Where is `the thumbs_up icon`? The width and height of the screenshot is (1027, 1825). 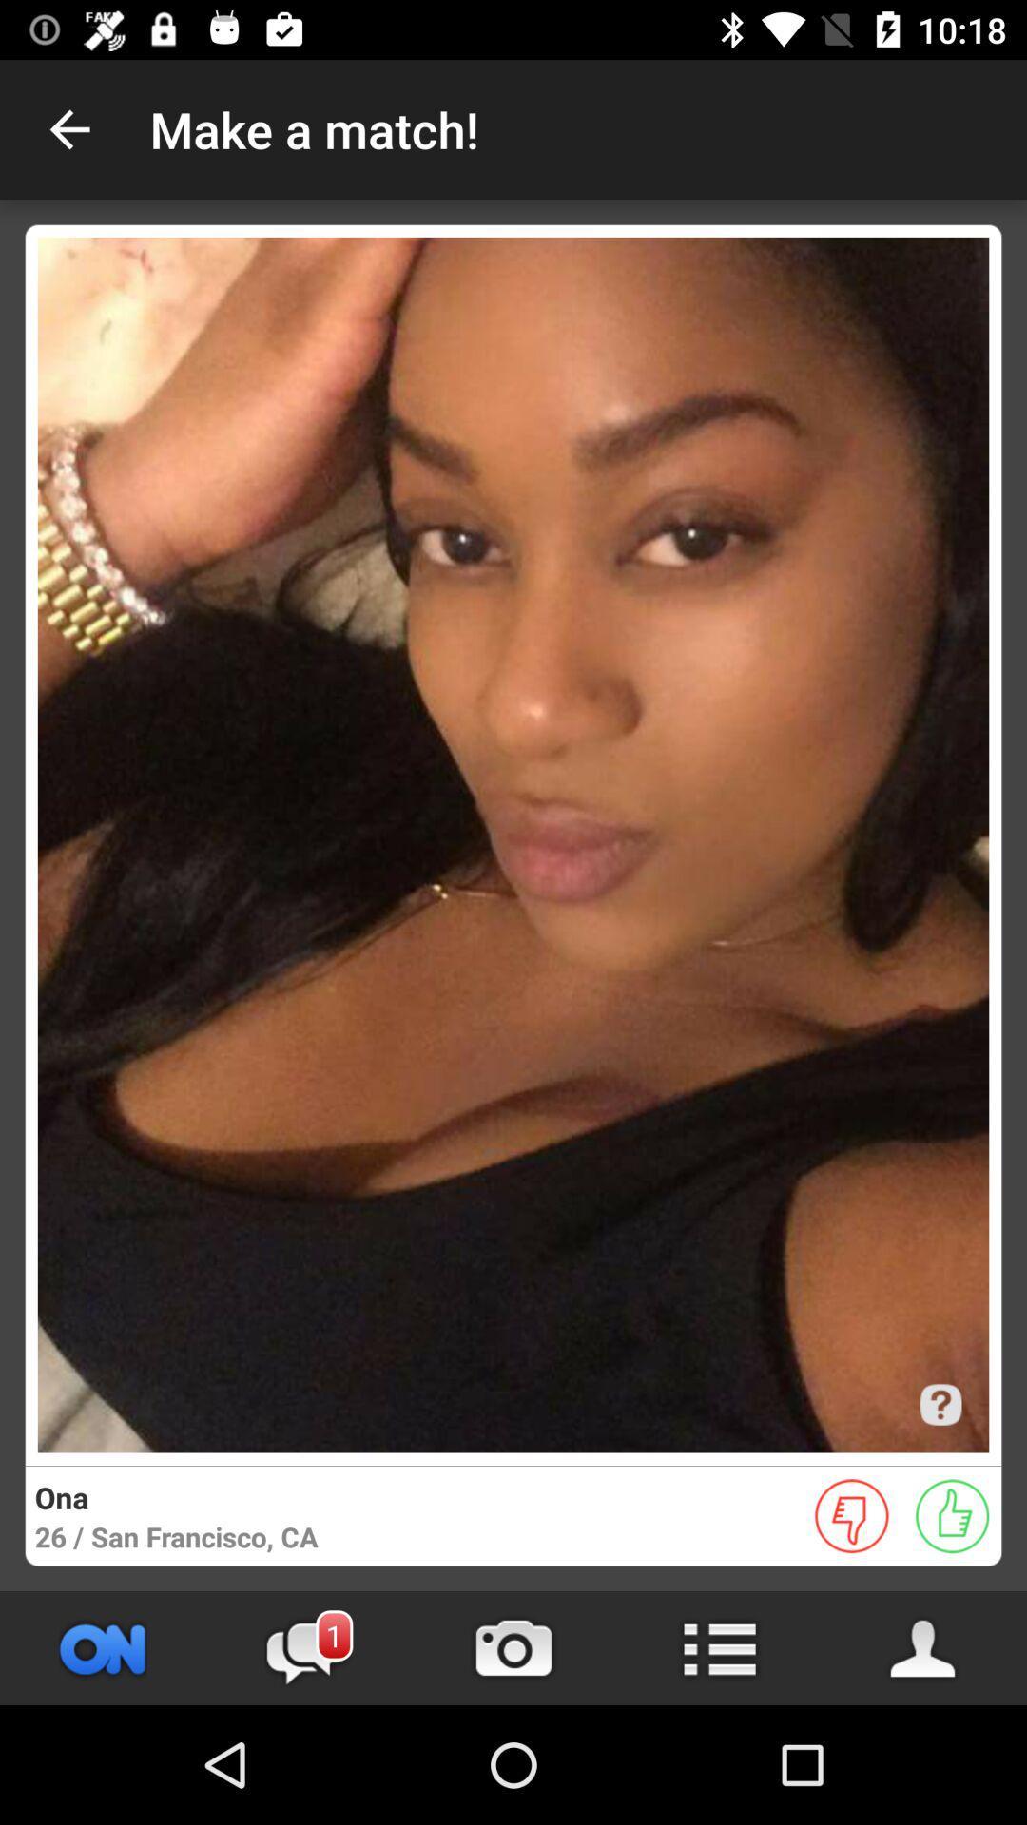
the thumbs_up icon is located at coordinates (952, 1515).